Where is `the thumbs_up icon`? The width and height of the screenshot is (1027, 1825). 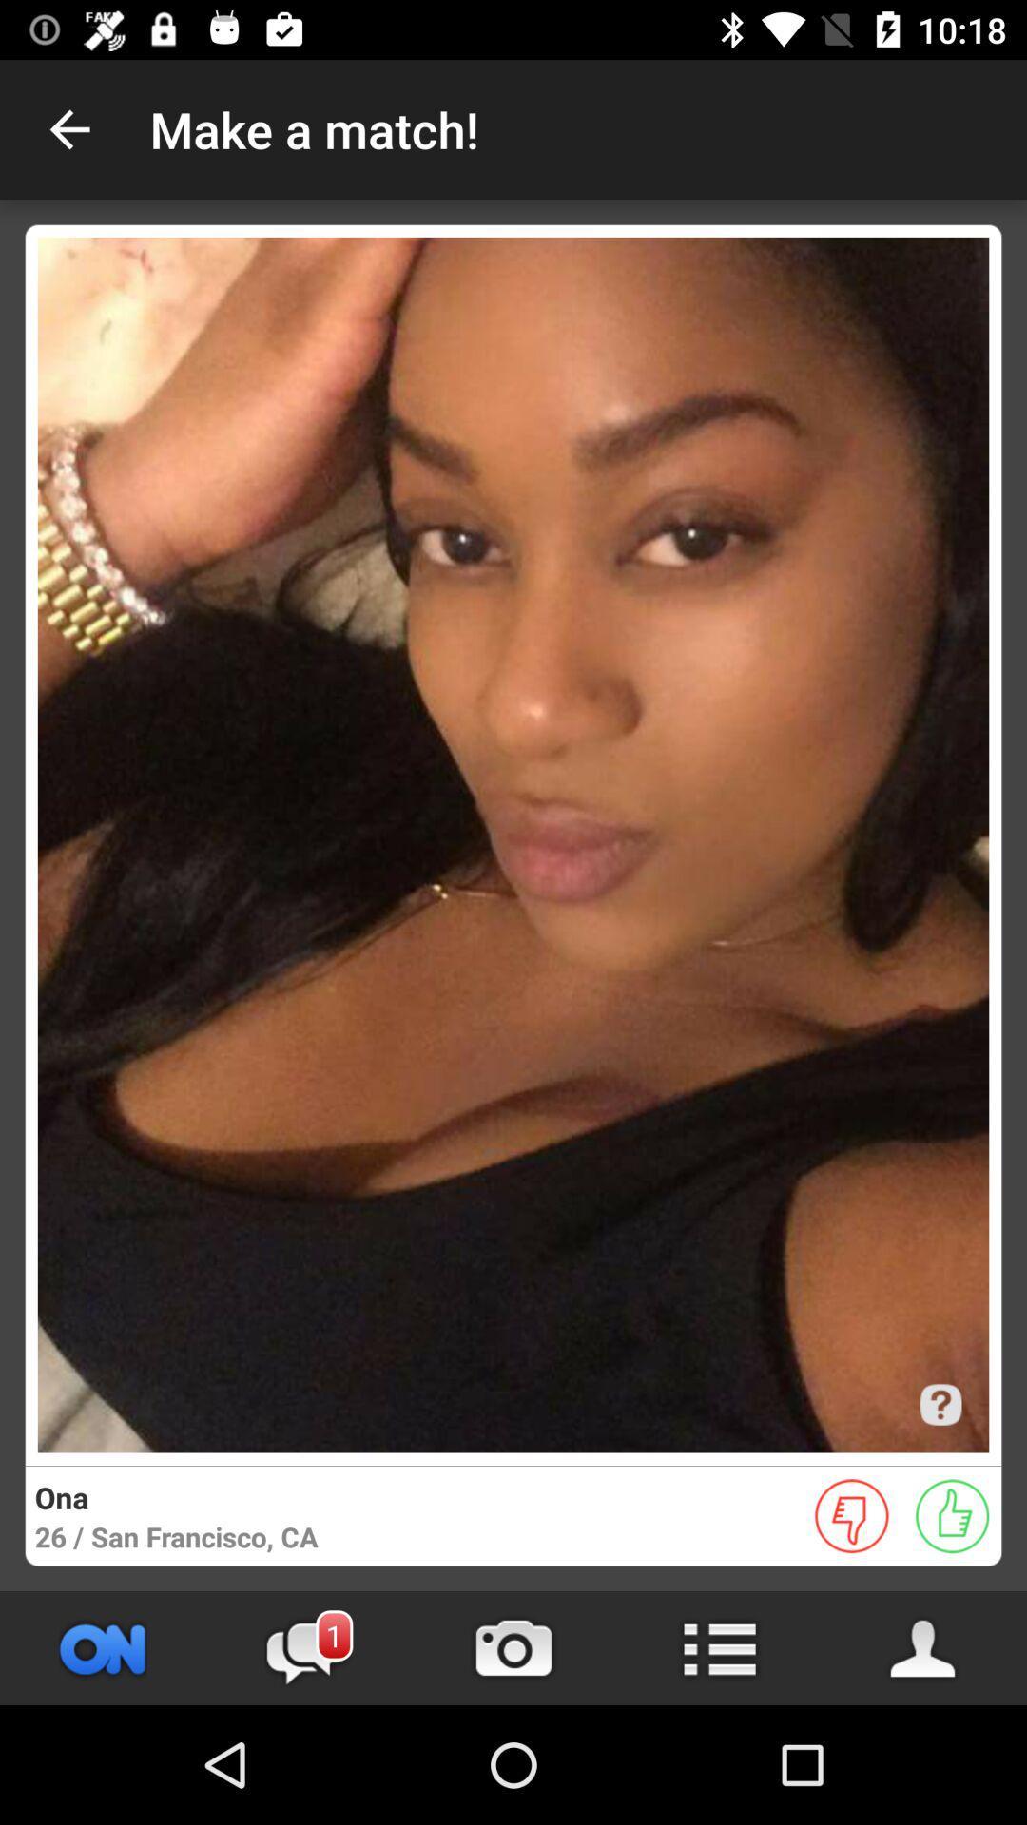
the thumbs_up icon is located at coordinates (952, 1515).